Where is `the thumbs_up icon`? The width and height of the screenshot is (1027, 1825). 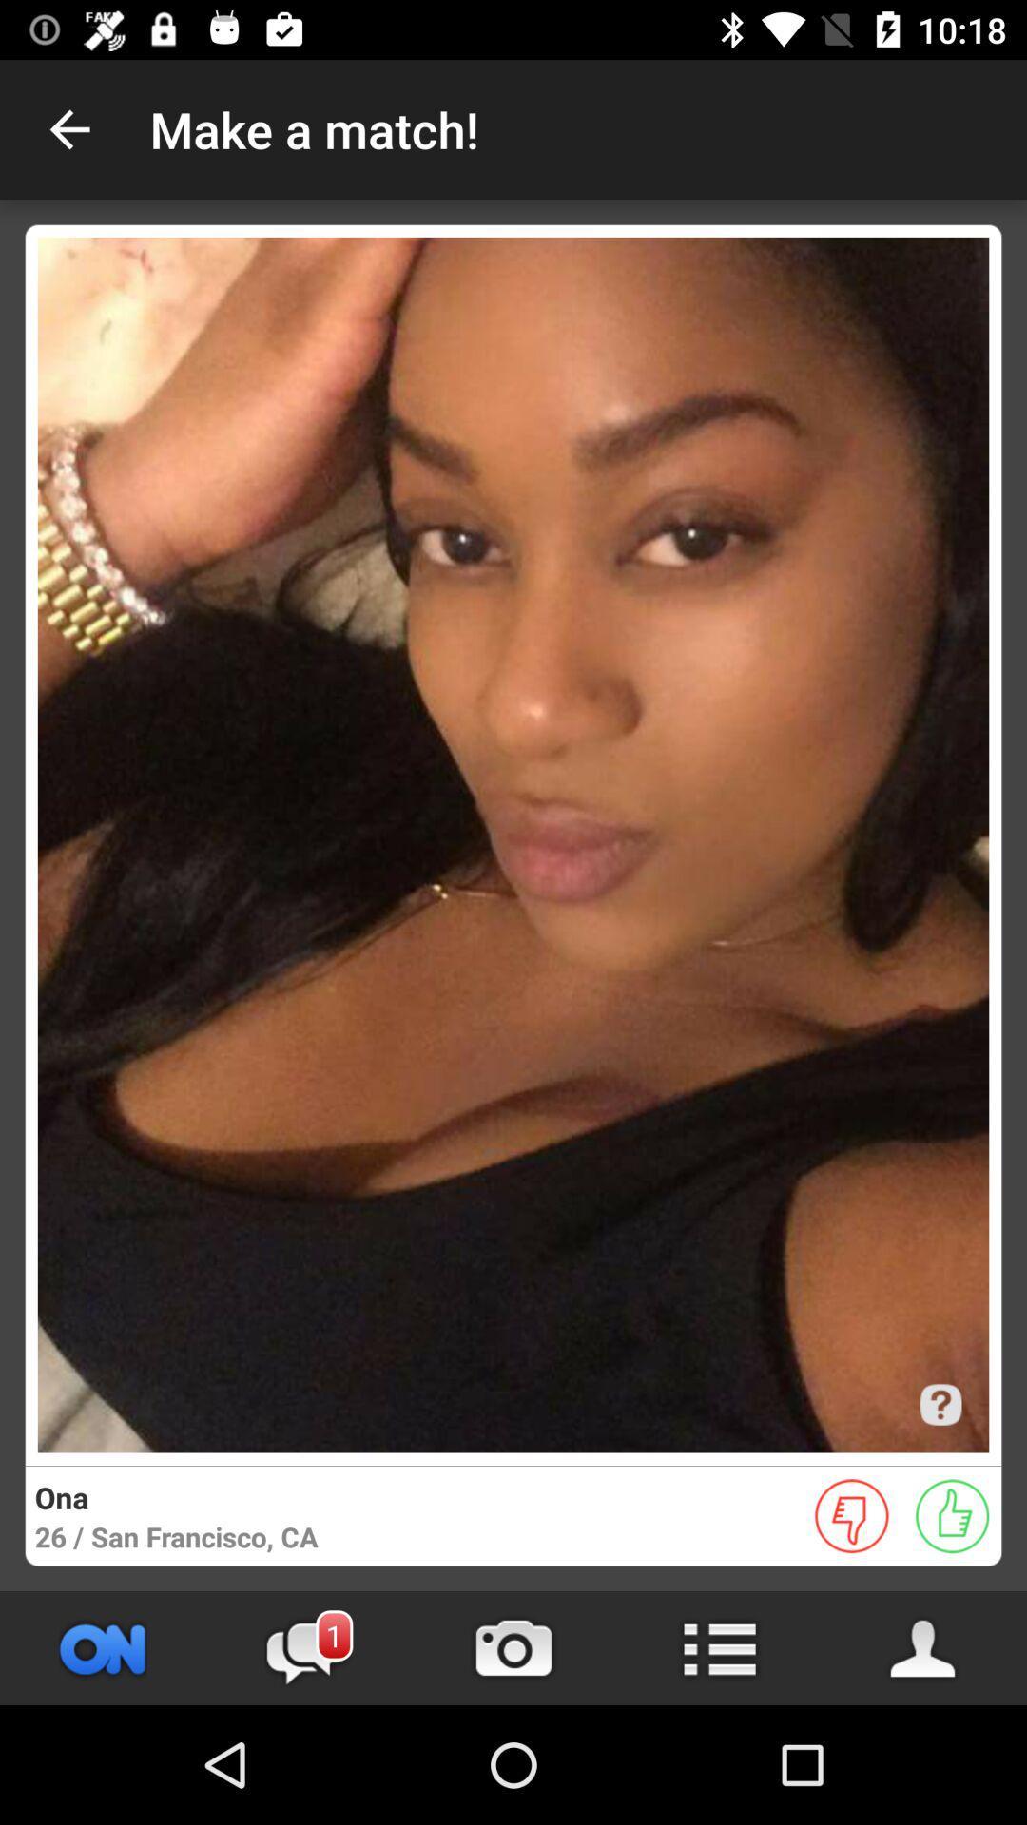
the thumbs_up icon is located at coordinates (952, 1515).